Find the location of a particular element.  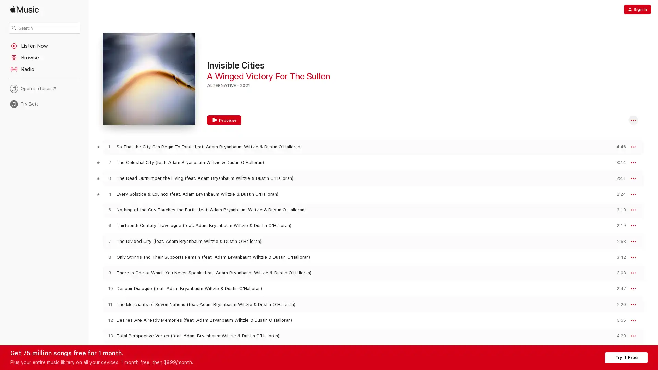

Play is located at coordinates (109, 304).